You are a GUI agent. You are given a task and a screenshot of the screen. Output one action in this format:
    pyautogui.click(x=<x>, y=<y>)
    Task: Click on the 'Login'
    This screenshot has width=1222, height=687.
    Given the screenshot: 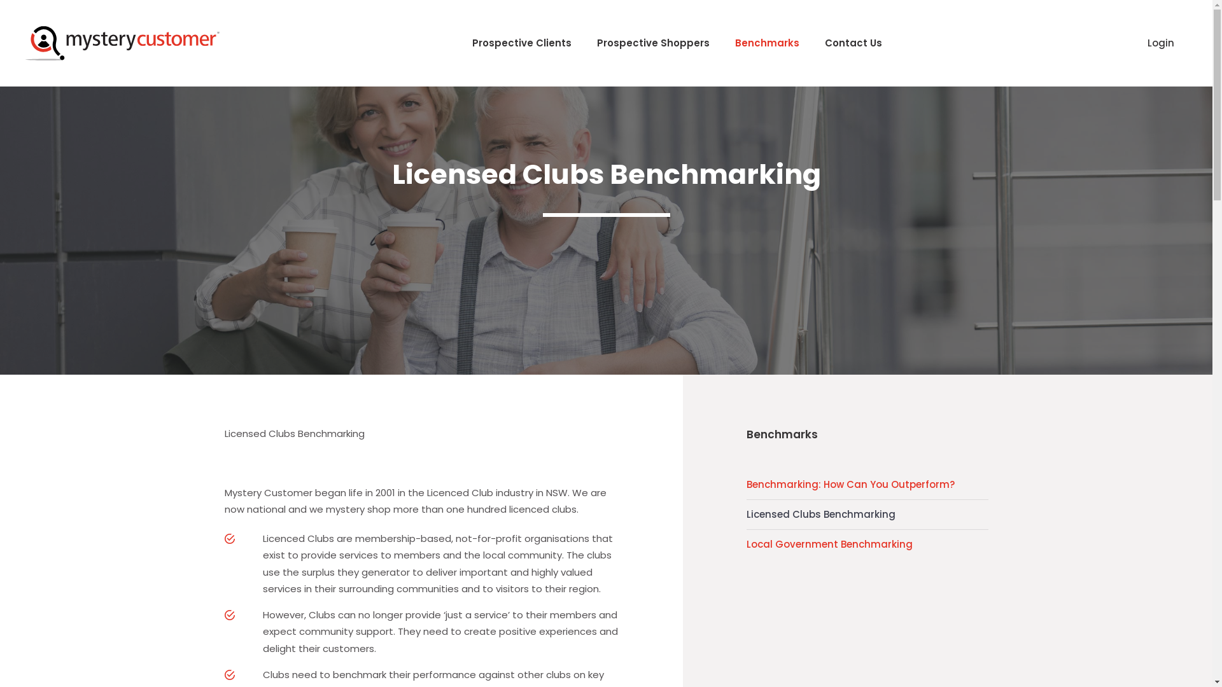 What is the action you would take?
    pyautogui.click(x=1134, y=43)
    